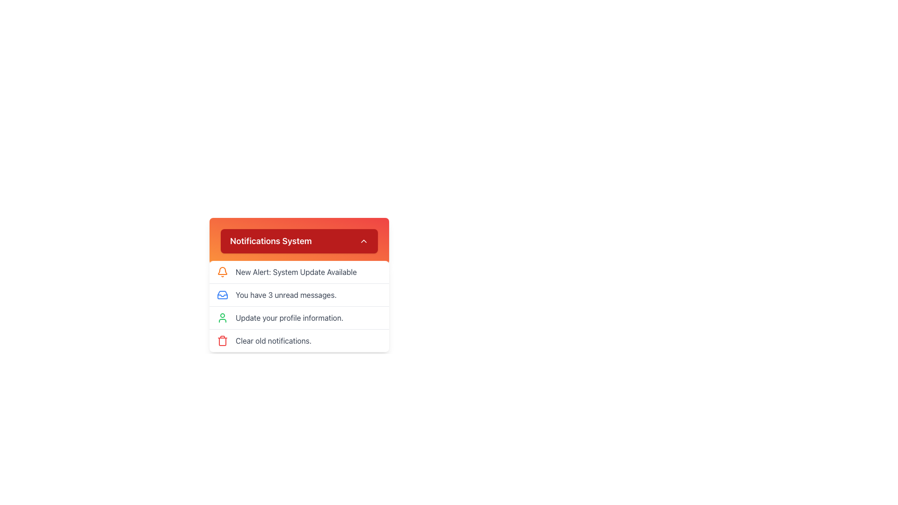  I want to click on the notification text label displaying 'New Alert: System Update Available', which is styled boldly and is the first entry in the notification dropdown menu, located to the right of an orange bell icon, so click(296, 272).